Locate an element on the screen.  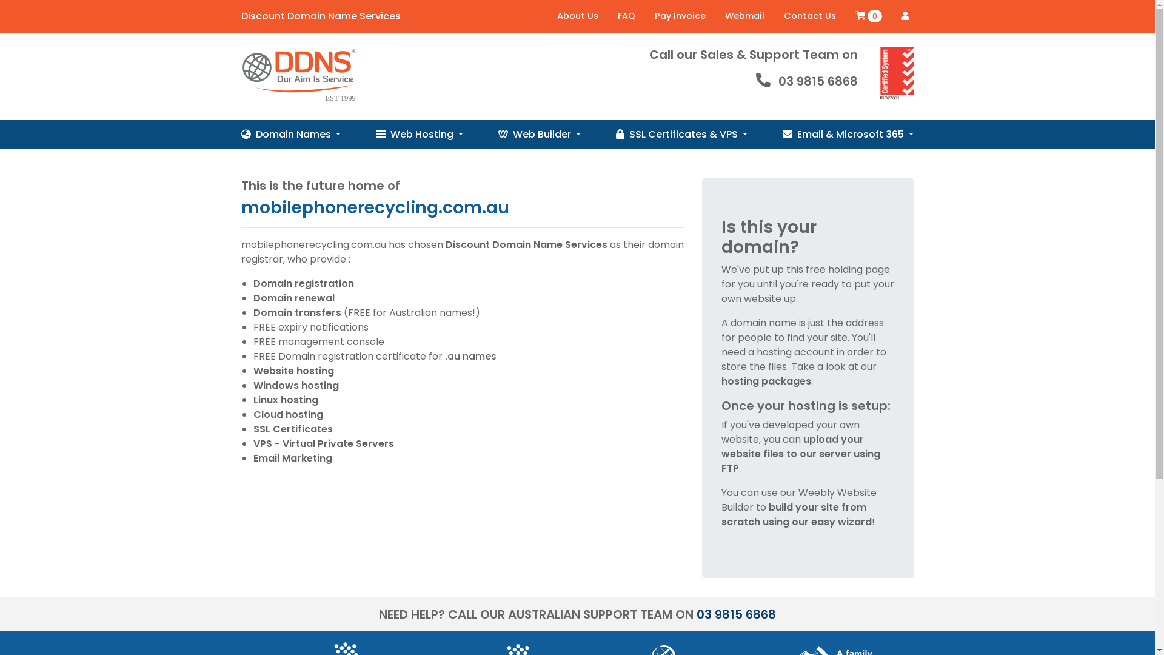
'ISO27001 Data Security Certified' is located at coordinates (897, 75).